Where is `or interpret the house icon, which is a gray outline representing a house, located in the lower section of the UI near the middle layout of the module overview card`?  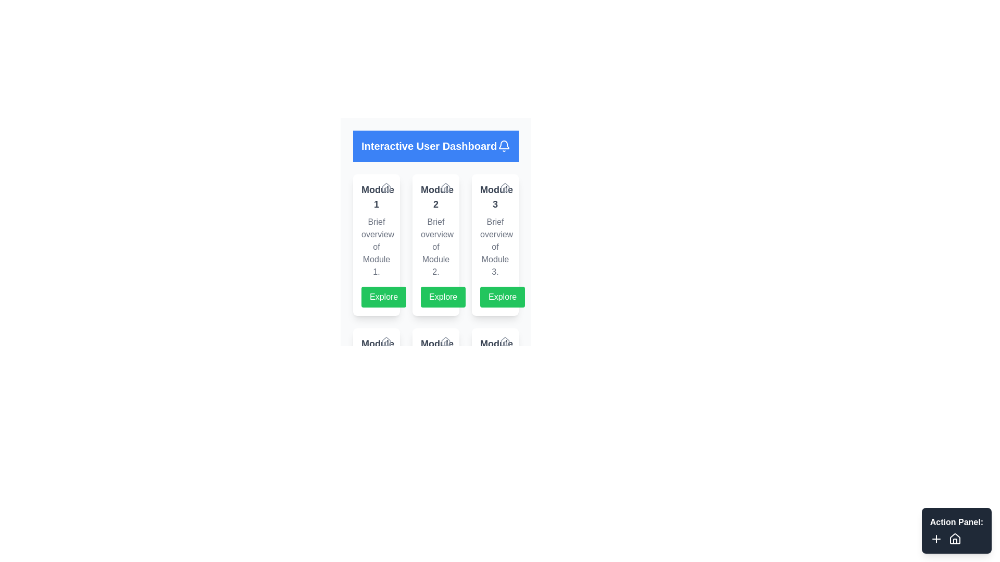
or interpret the house icon, which is a gray outline representing a house, located in the lower section of the UI near the middle layout of the module overview card is located at coordinates (445, 341).